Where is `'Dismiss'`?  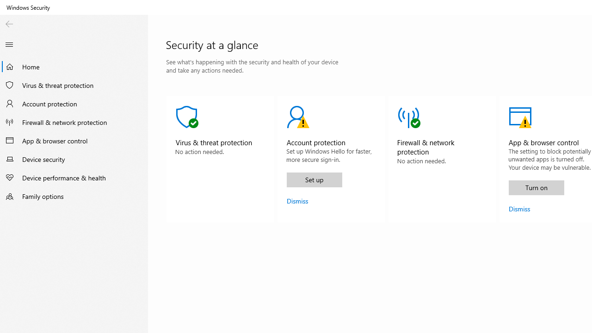
'Dismiss' is located at coordinates (519, 209).